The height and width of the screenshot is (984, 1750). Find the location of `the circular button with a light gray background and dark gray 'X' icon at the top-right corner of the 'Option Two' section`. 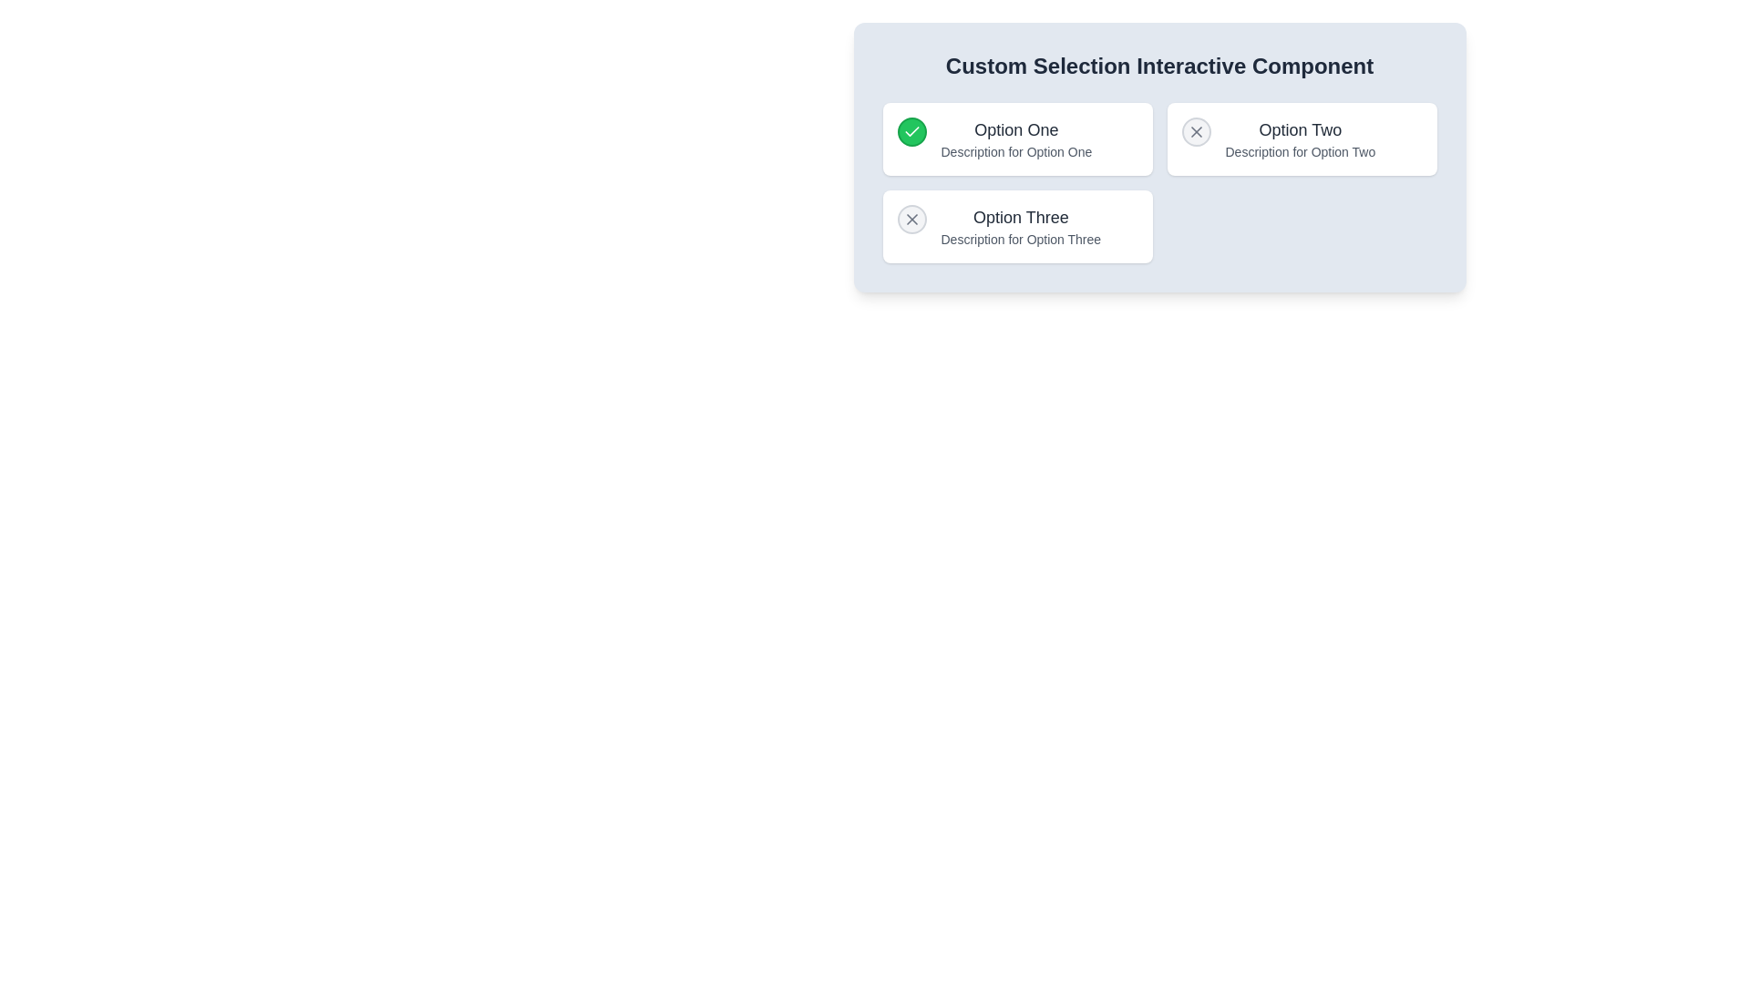

the circular button with a light gray background and dark gray 'X' icon at the top-right corner of the 'Option Two' section is located at coordinates (1196, 131).